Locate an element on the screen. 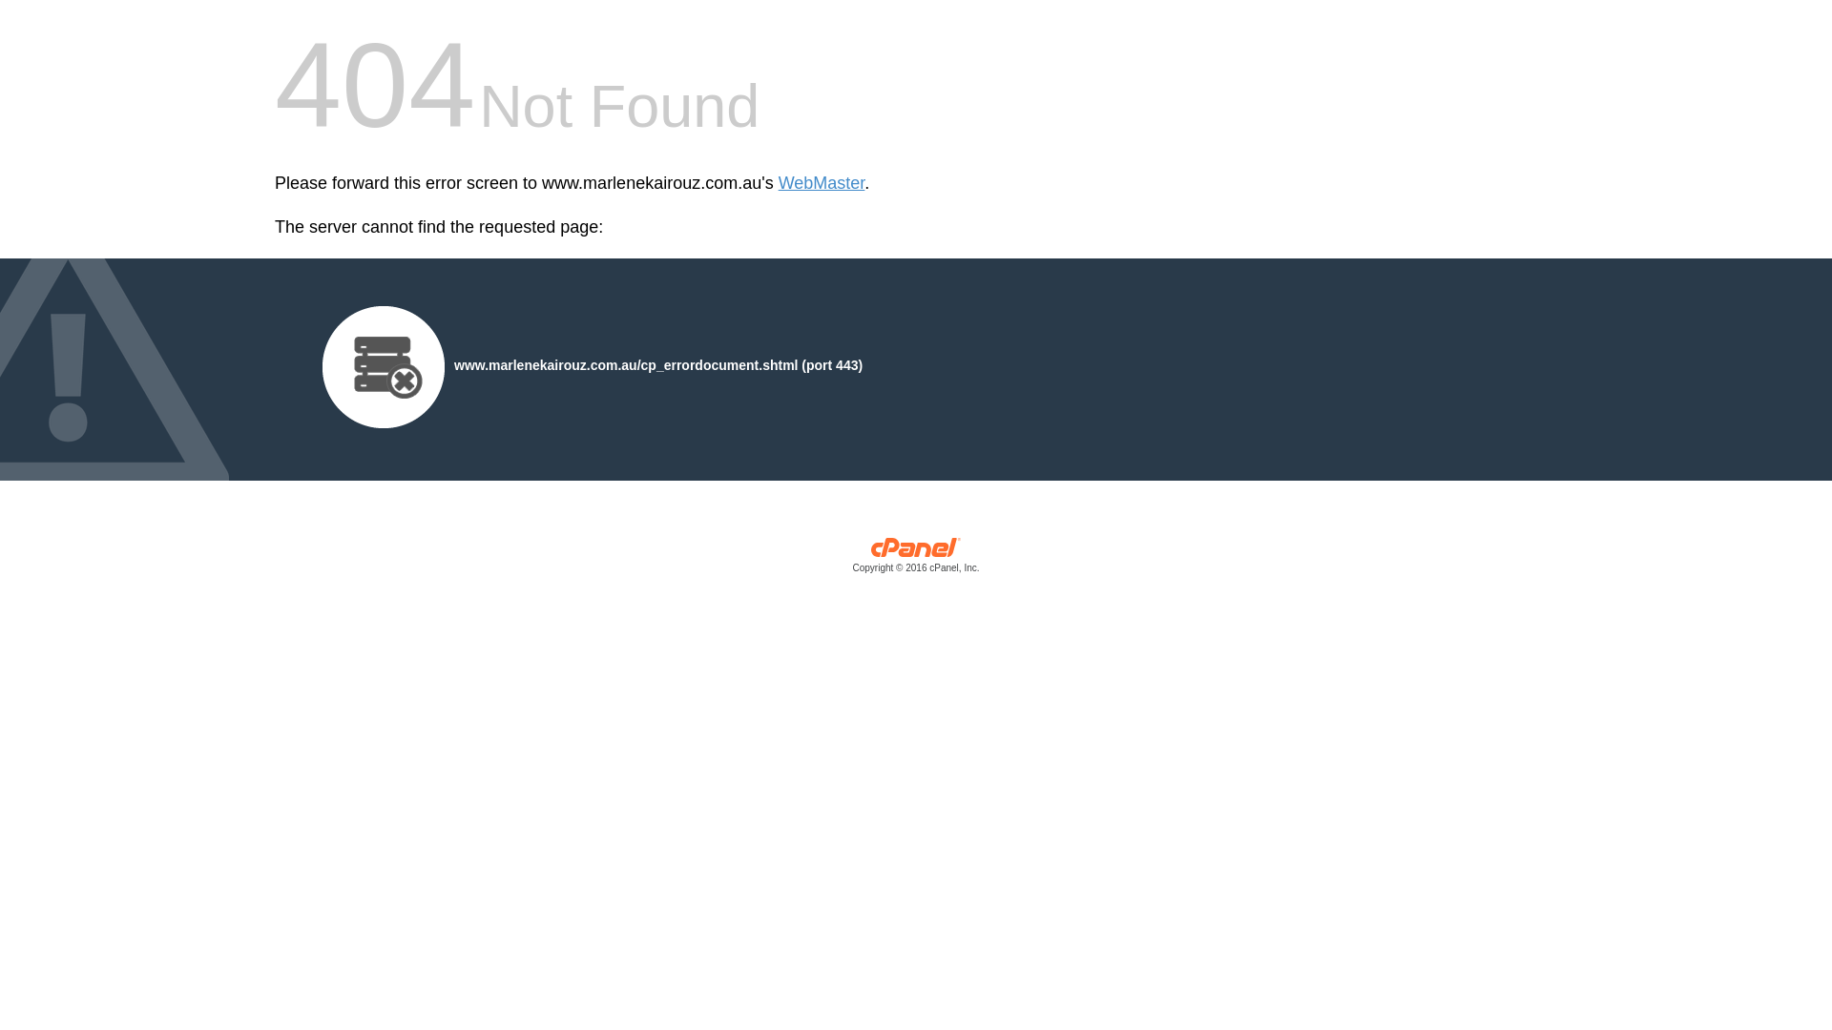  'WebMaster' is located at coordinates (822, 183).